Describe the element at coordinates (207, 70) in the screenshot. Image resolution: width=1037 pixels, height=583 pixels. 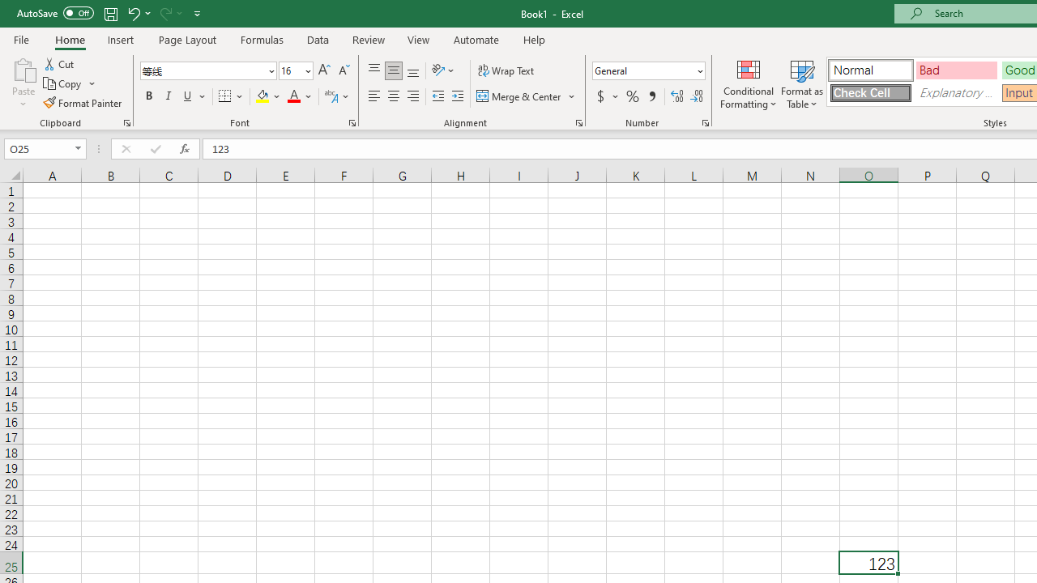
I see `'Font'` at that location.